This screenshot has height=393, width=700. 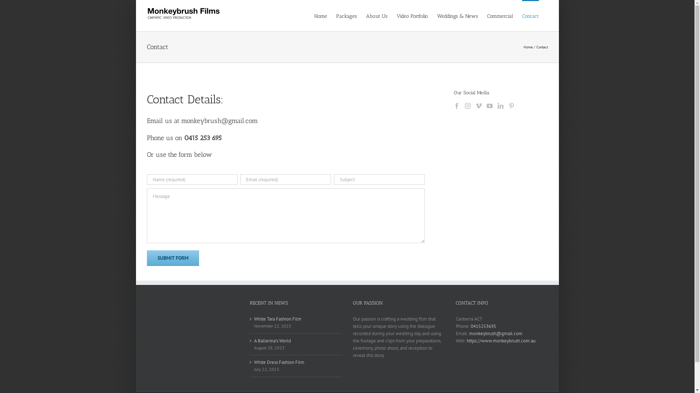 What do you see at coordinates (412, 15) in the screenshot?
I see `'Video Portfolio'` at bounding box center [412, 15].